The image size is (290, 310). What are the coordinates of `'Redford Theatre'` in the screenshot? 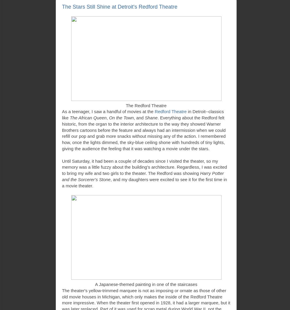 It's located at (170, 112).